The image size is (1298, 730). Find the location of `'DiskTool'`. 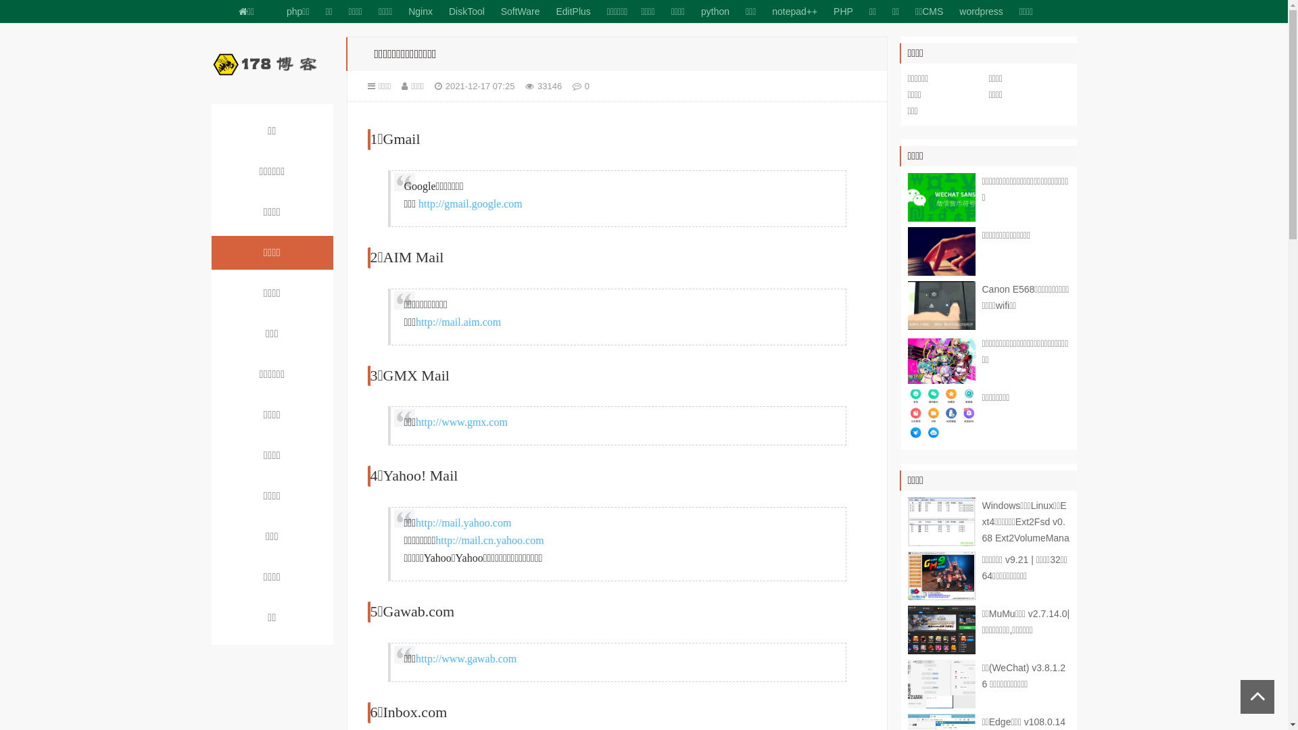

'DiskTool' is located at coordinates (466, 11).